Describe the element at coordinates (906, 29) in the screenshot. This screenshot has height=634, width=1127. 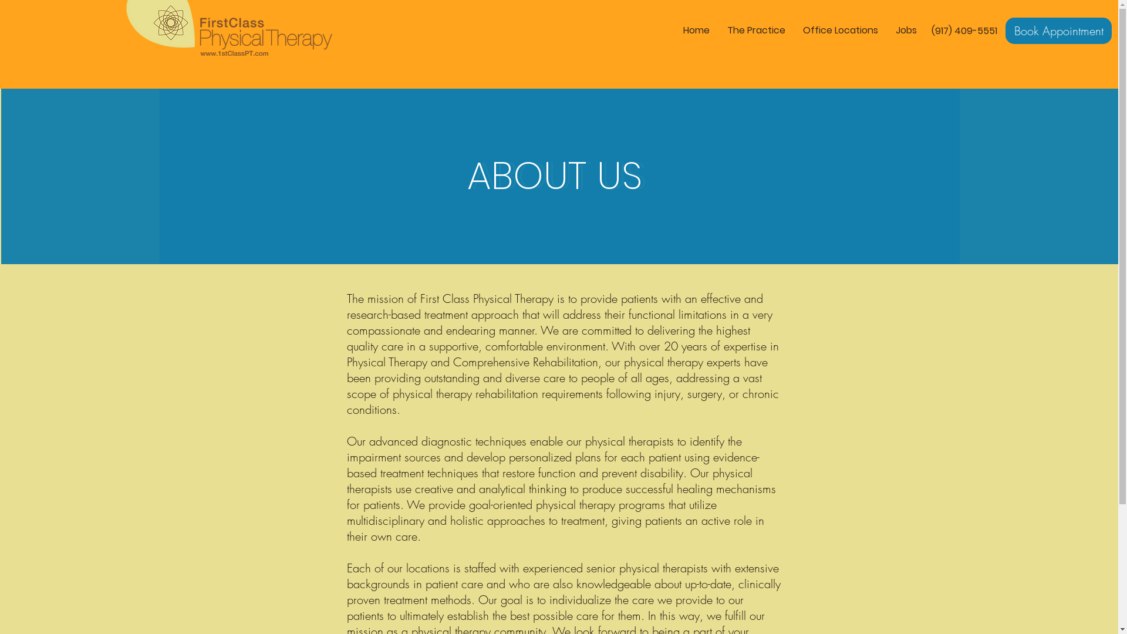
I see `'Jobs'` at that location.